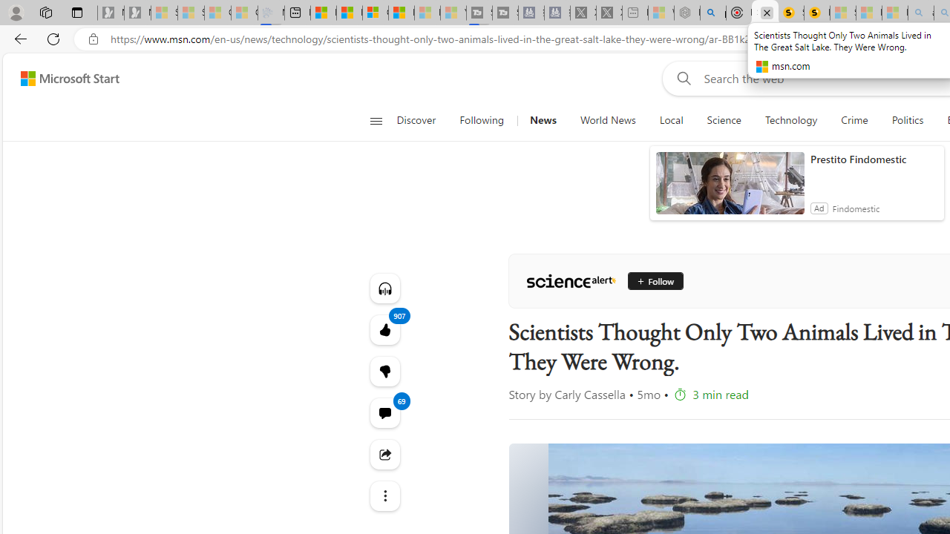  What do you see at coordinates (384, 495) in the screenshot?
I see `'See more'` at bounding box center [384, 495].